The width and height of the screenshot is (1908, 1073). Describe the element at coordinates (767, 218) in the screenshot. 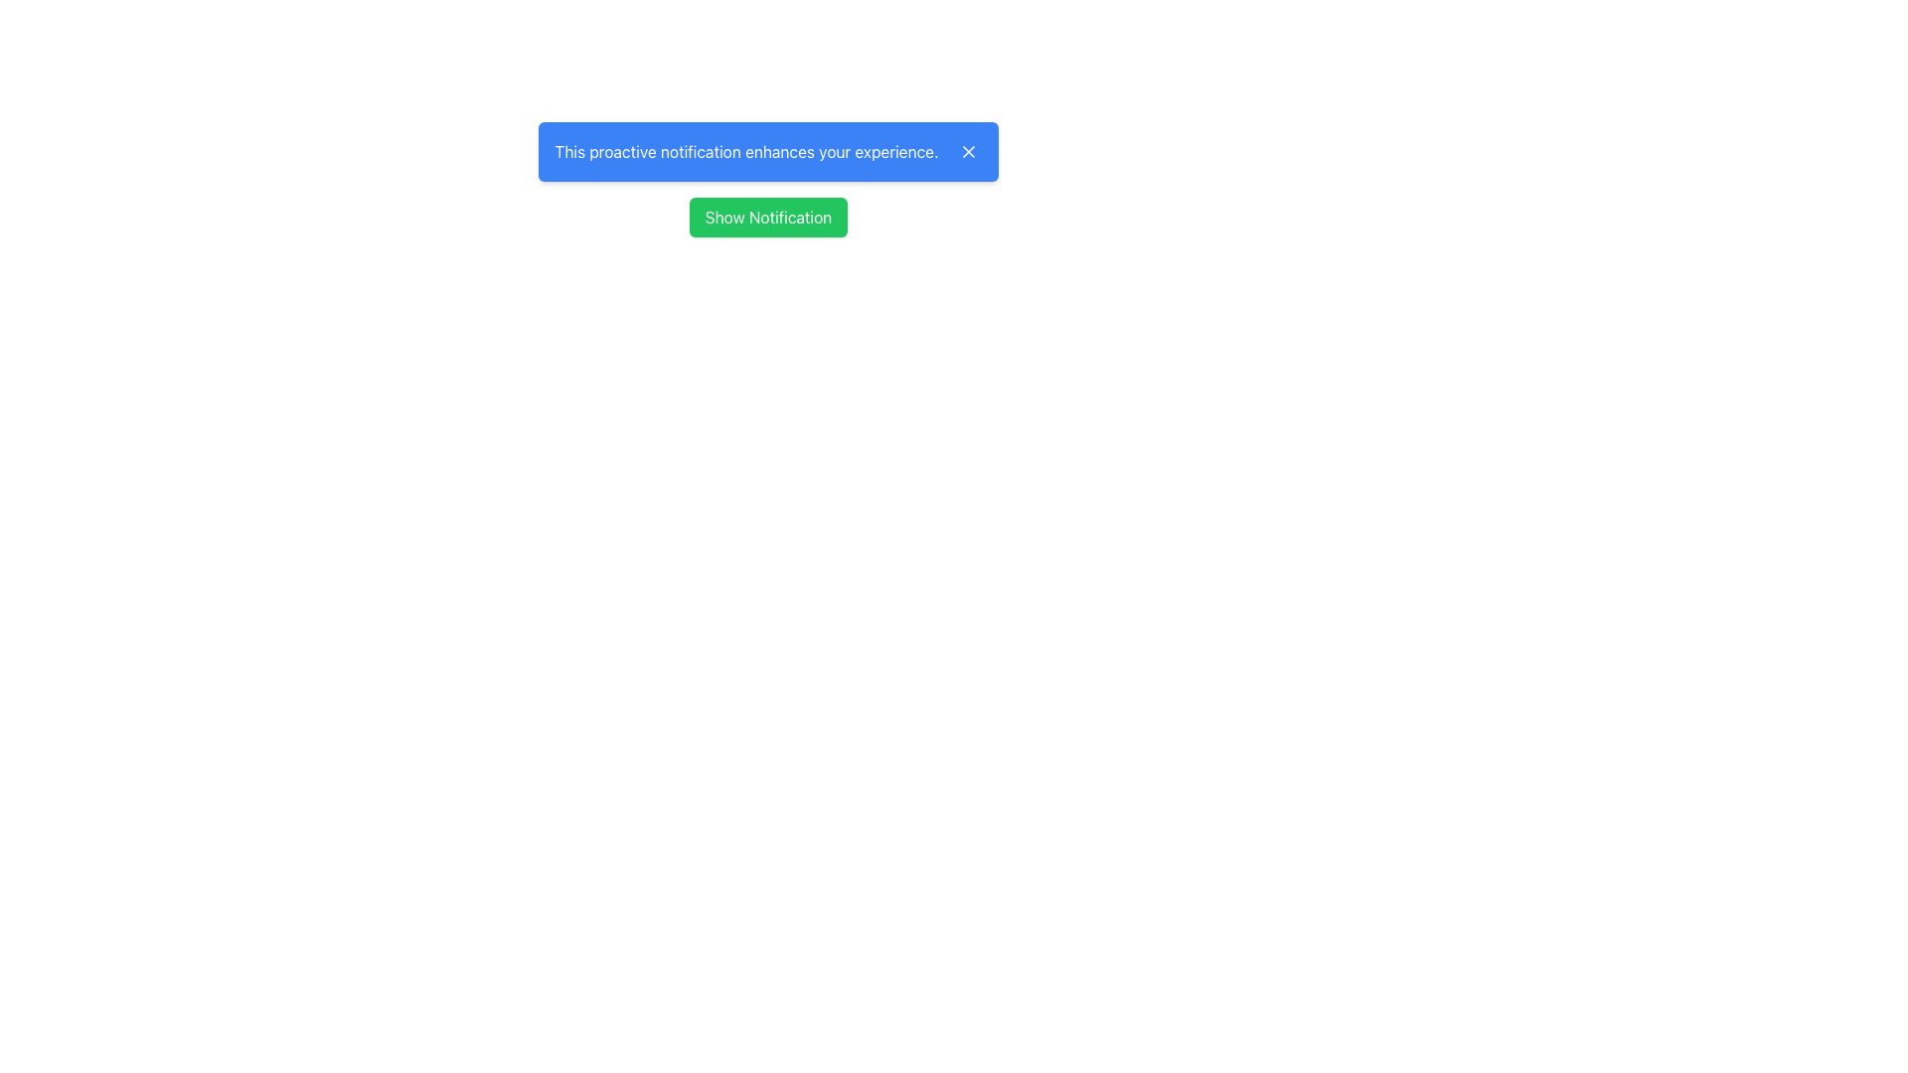

I see `the green button labeled 'Show Notification' located below the blue notification panel` at that location.